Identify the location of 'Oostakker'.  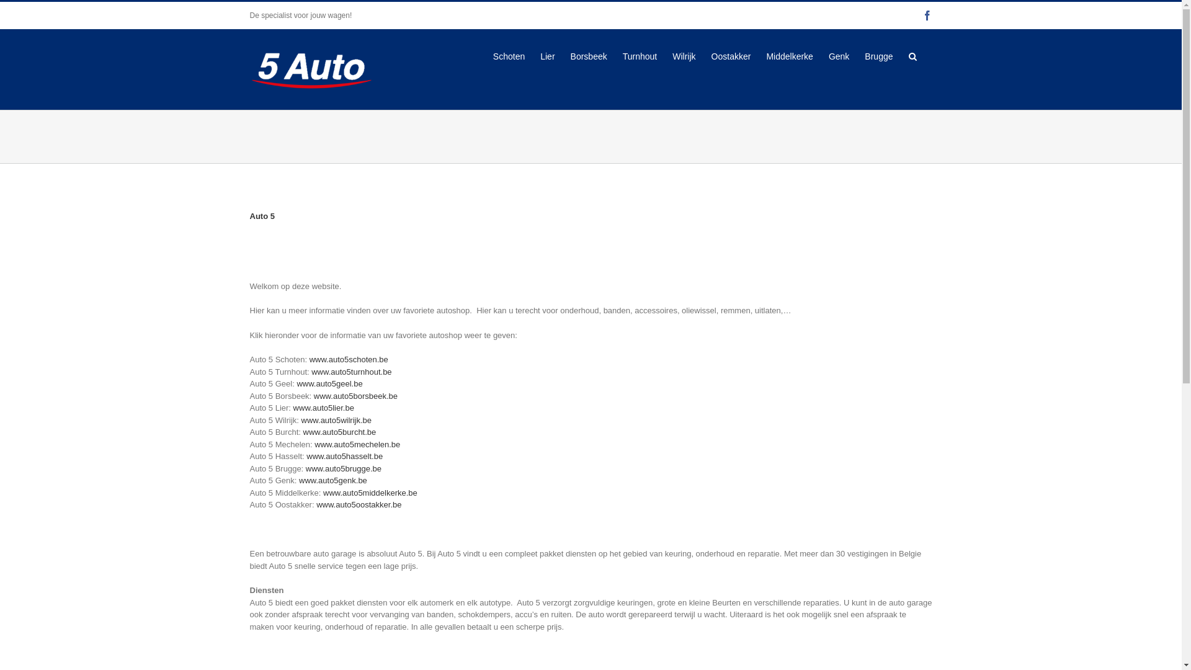
(731, 55).